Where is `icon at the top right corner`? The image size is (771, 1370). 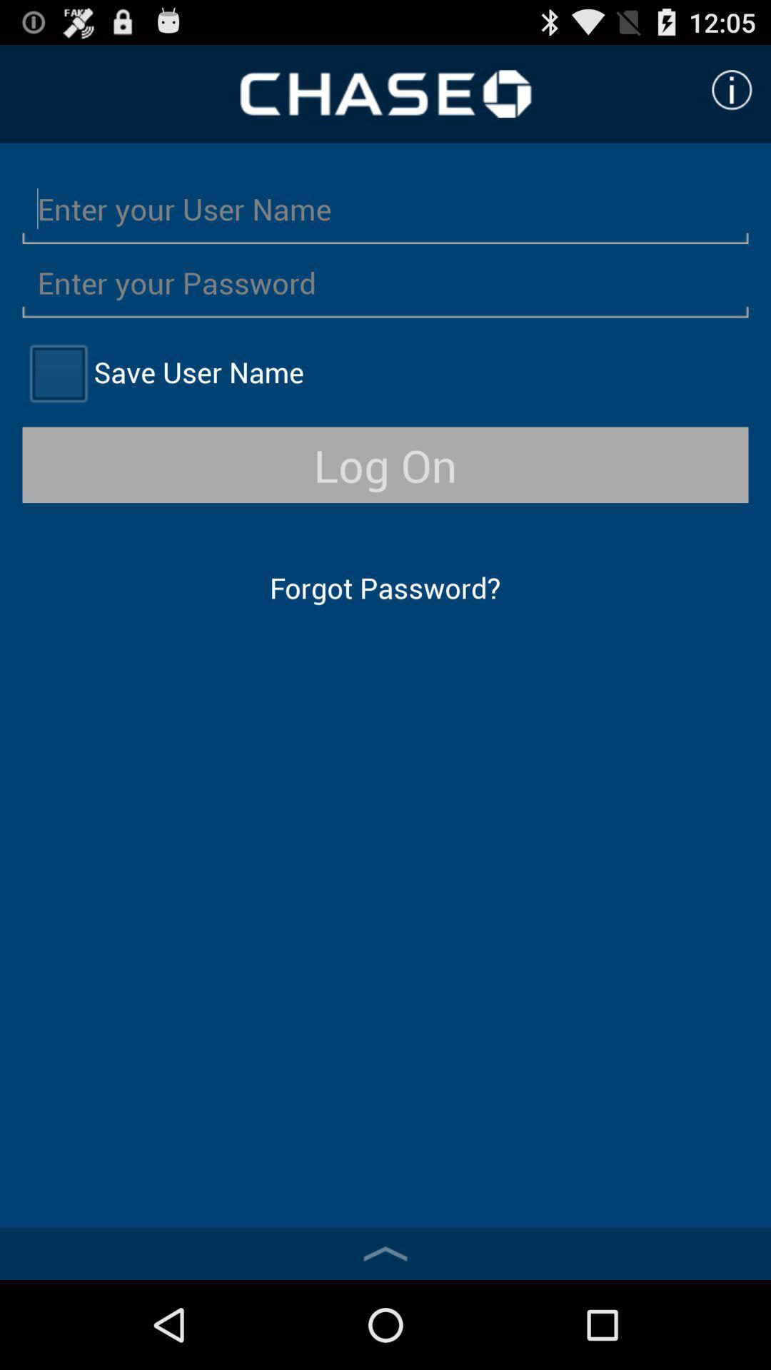
icon at the top right corner is located at coordinates (732, 89).